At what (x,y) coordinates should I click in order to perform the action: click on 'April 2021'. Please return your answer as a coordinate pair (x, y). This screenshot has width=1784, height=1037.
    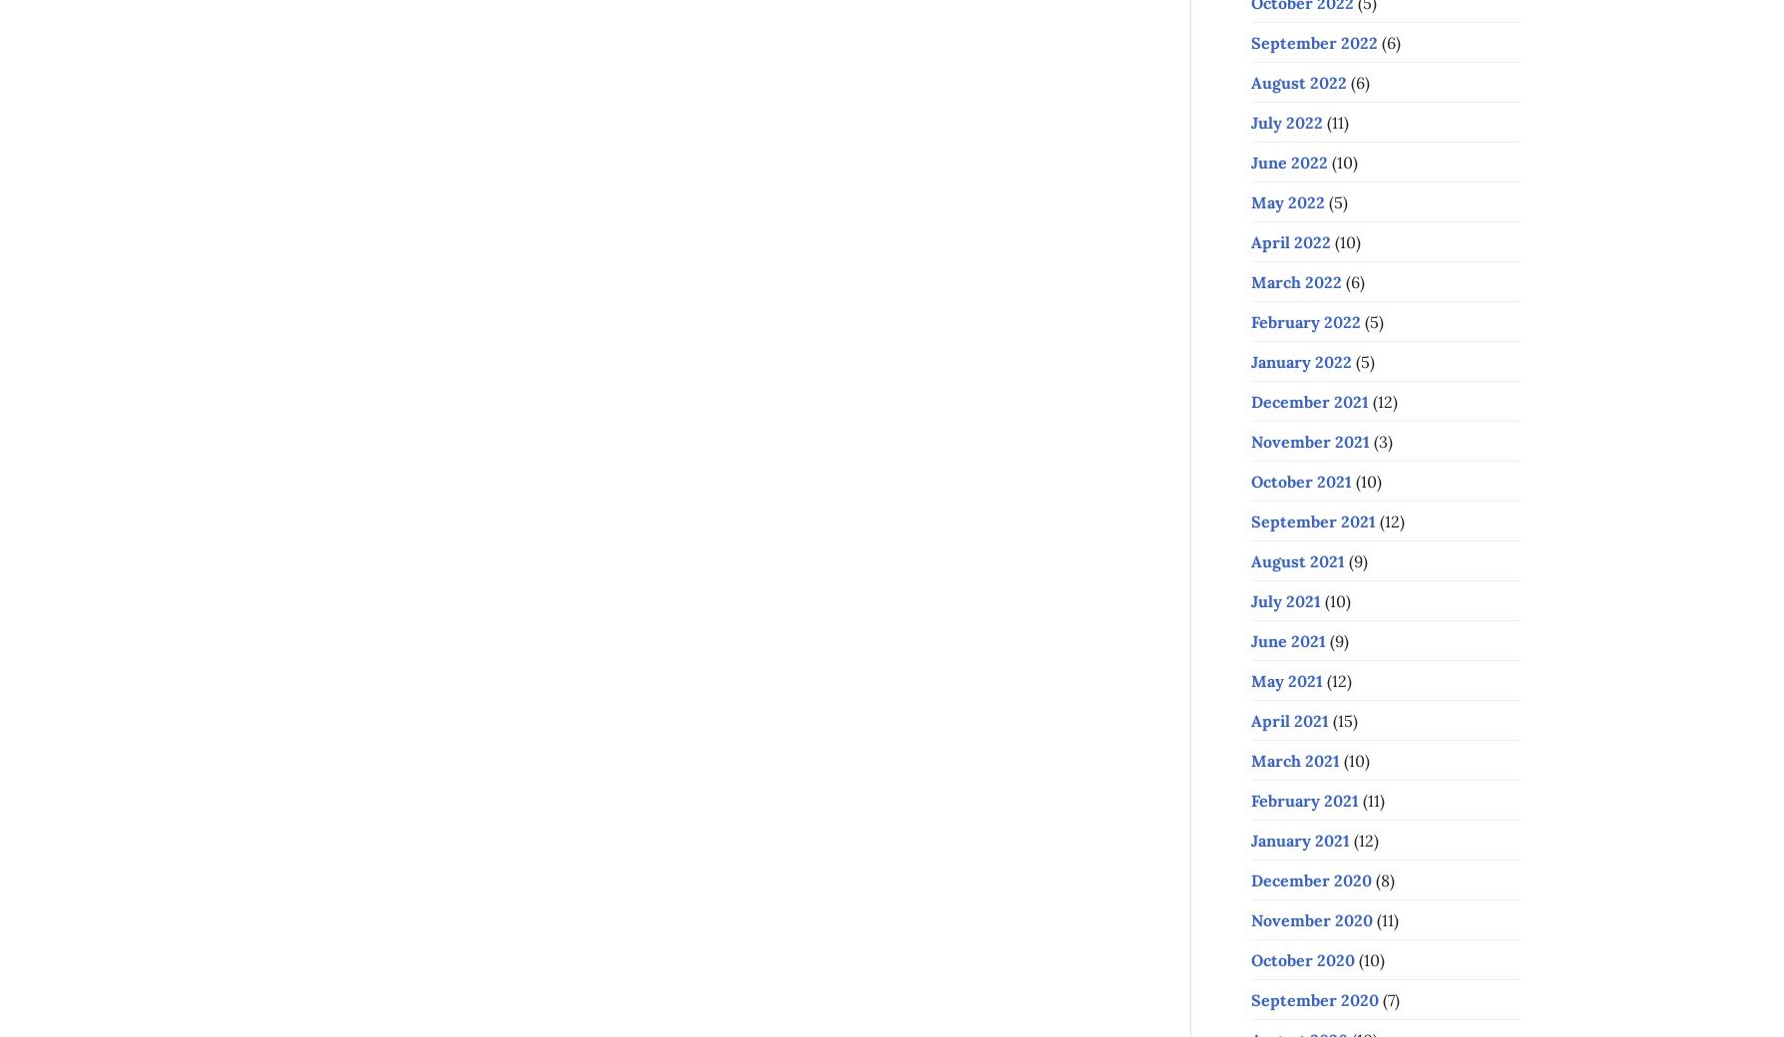
    Looking at the image, I should click on (1249, 719).